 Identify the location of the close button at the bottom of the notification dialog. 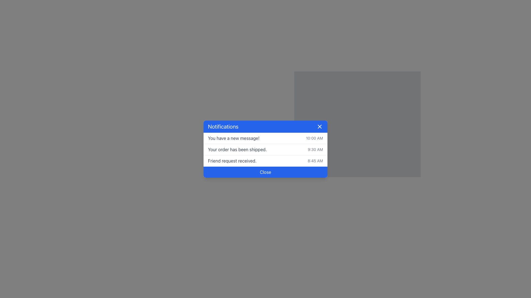
(265, 172).